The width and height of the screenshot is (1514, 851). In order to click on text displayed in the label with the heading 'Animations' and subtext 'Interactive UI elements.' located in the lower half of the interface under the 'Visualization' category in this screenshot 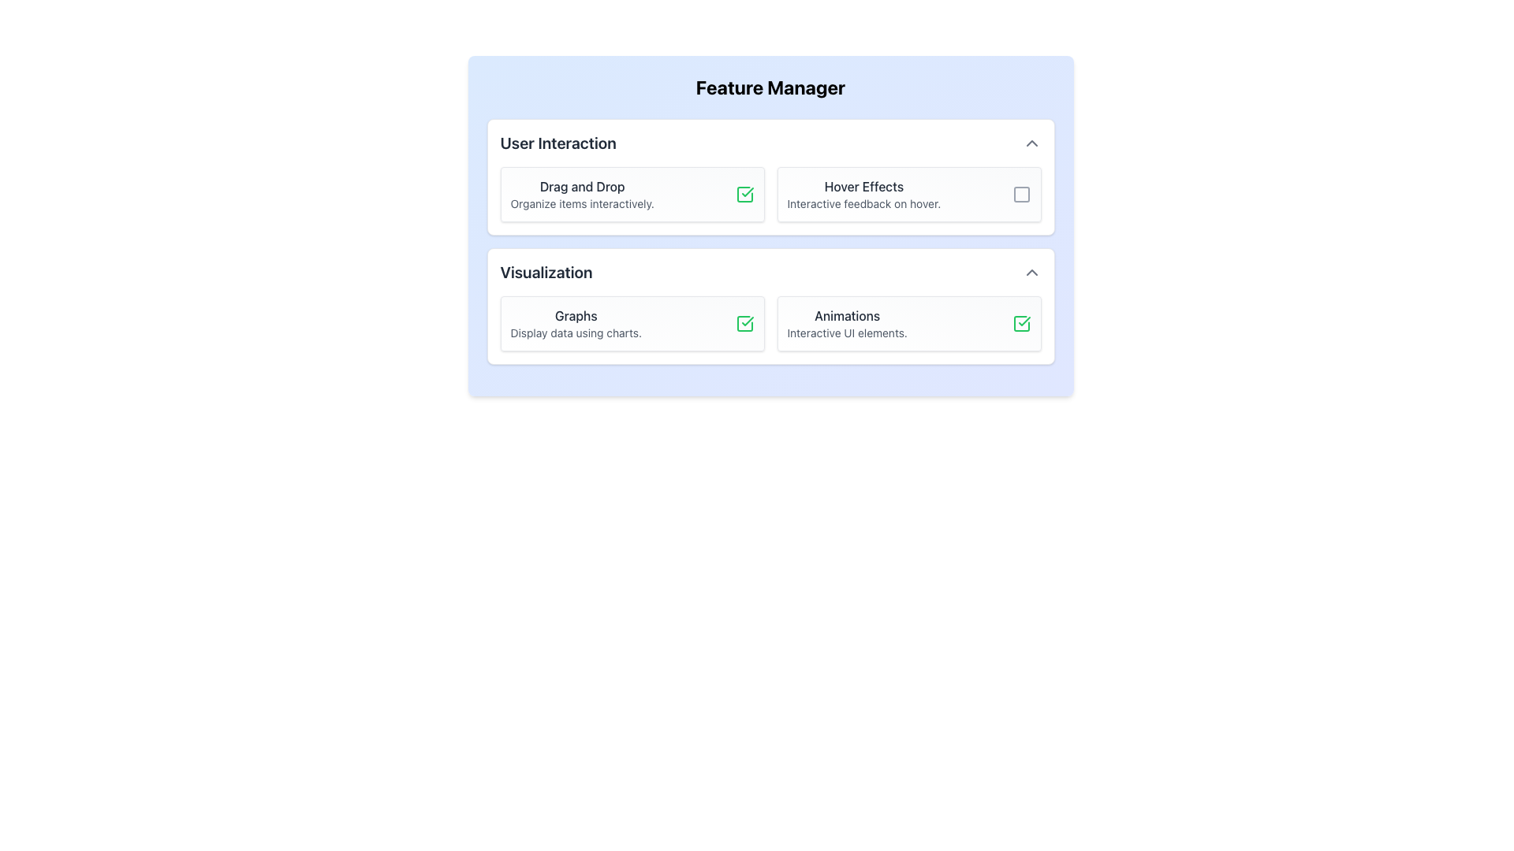, I will do `click(846, 323)`.